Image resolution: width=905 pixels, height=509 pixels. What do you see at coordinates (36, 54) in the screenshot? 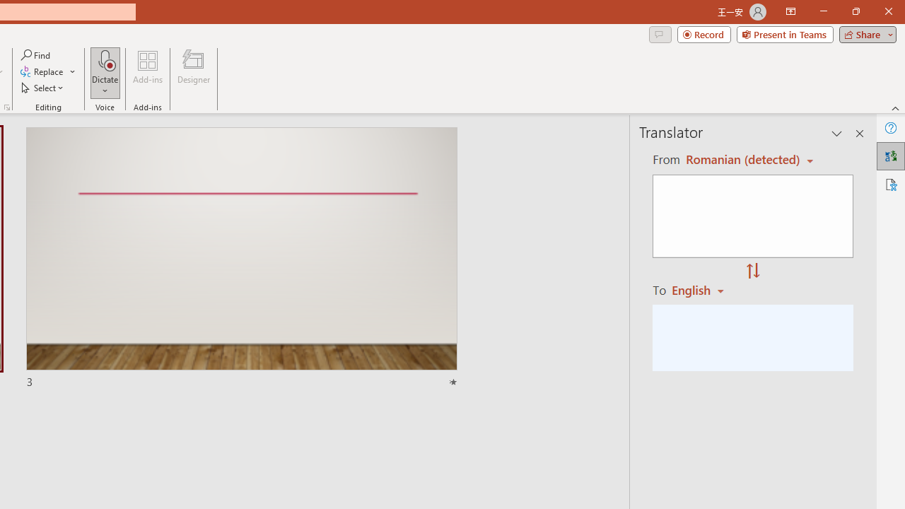
I see `'Find...'` at bounding box center [36, 54].